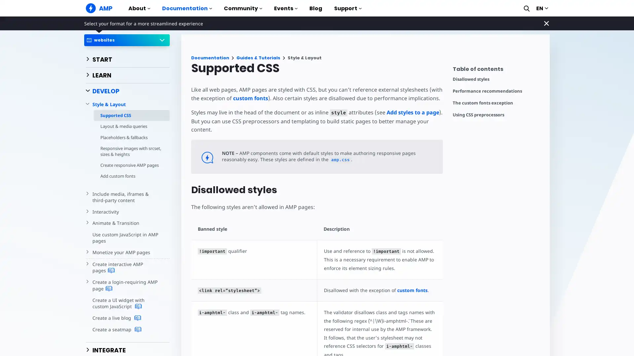 The height and width of the screenshot is (356, 634). What do you see at coordinates (286, 11) in the screenshot?
I see `Events` at bounding box center [286, 11].